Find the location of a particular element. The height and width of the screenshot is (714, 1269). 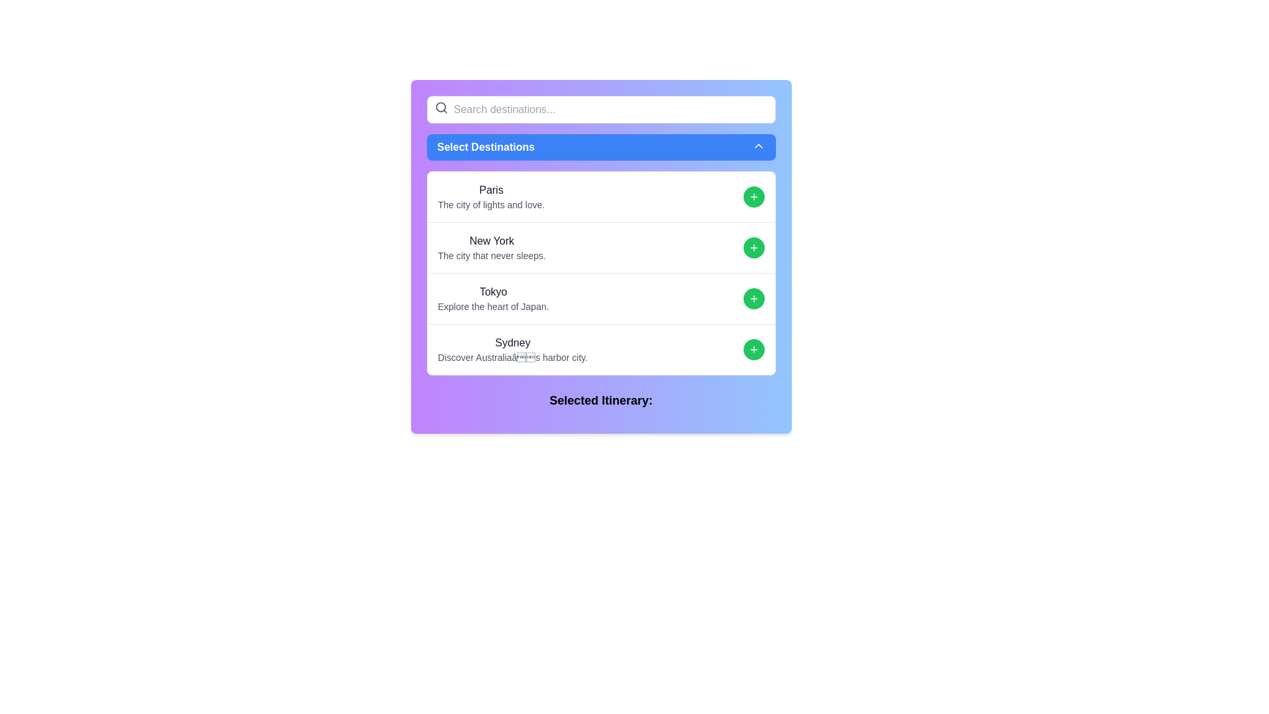

the Composite text block that provides a title and description for the destination 'Paris', which is the topmost entry in the vertically arranged list of destinations is located at coordinates (490, 196).